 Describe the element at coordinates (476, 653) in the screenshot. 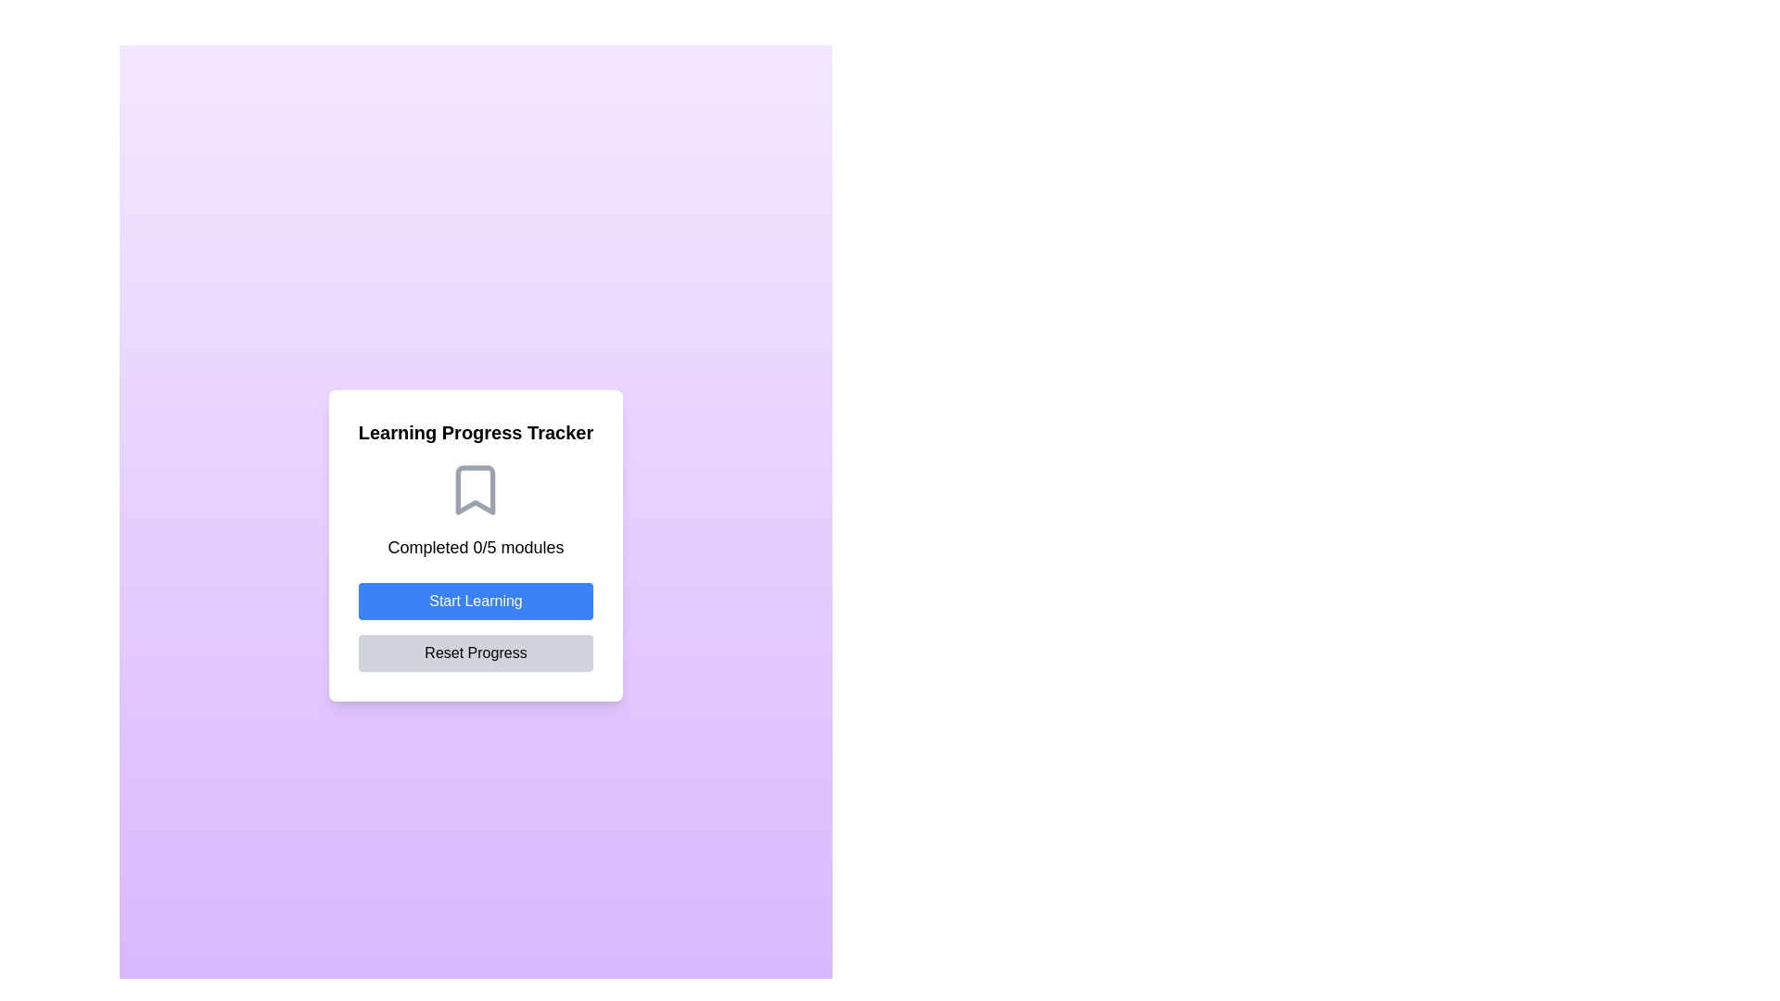

I see `the 'Reset Progress' button, which is a rectangular button with rounded corners and a light gray background` at that location.